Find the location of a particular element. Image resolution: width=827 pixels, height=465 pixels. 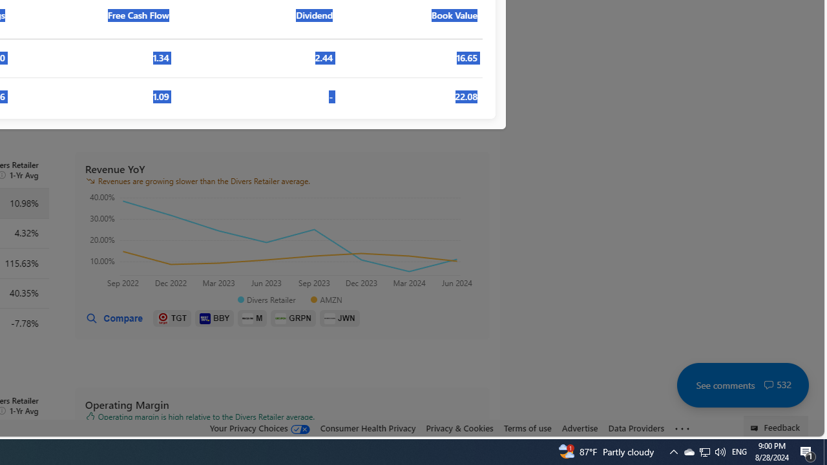

'Class: feedback_link_icon-DS-EntryPoint1-1' is located at coordinates (757, 428).